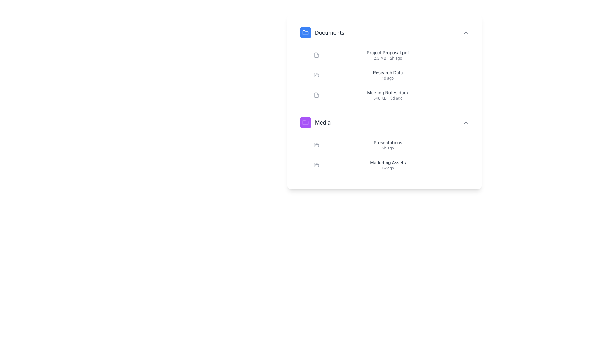  I want to click on the folder icon representing 'Marketing Assets' located in the categorized media list under the heading 'Media', so click(316, 164).